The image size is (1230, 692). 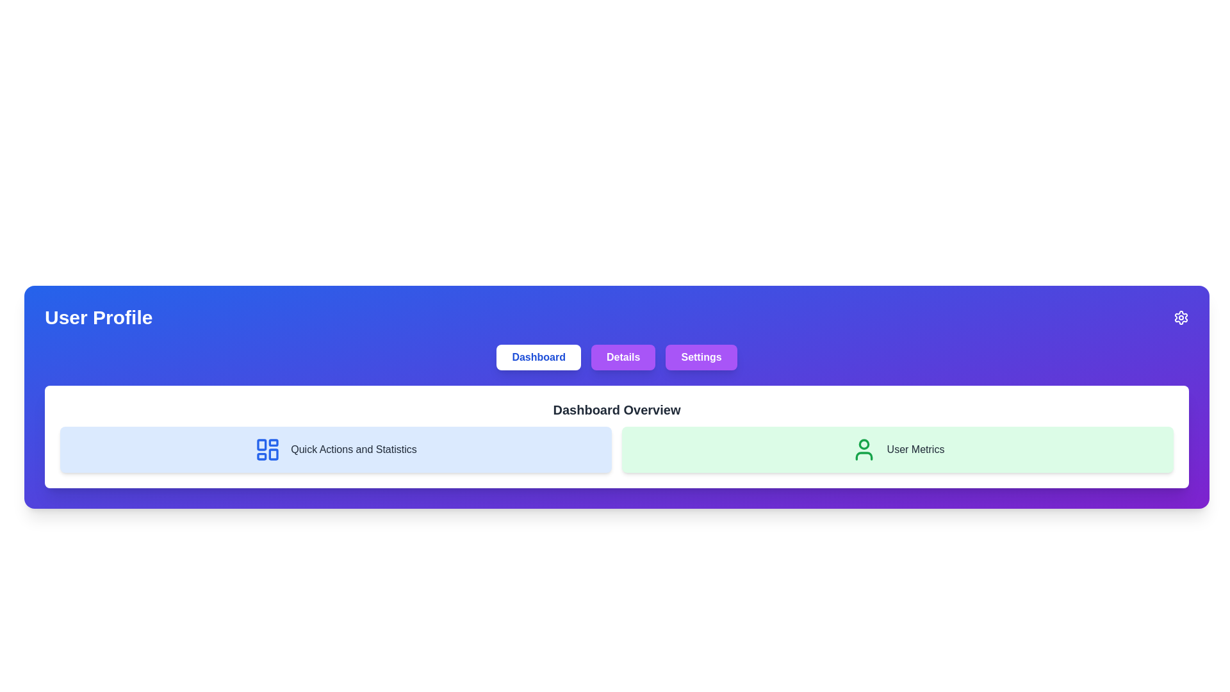 I want to click on the user icon with a green outline, featuring a circle for the head and rounded rectangular shoulders, located in the center-left section of the green 'User Metrics' card on the right side of the 'Dashboard Overview' row, so click(x=864, y=449).